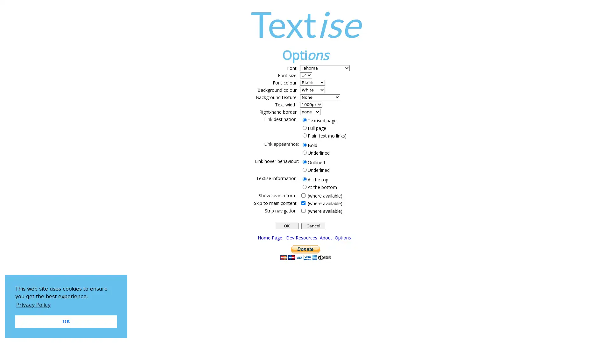  Describe the element at coordinates (33, 305) in the screenshot. I see `learn more about cookies` at that location.